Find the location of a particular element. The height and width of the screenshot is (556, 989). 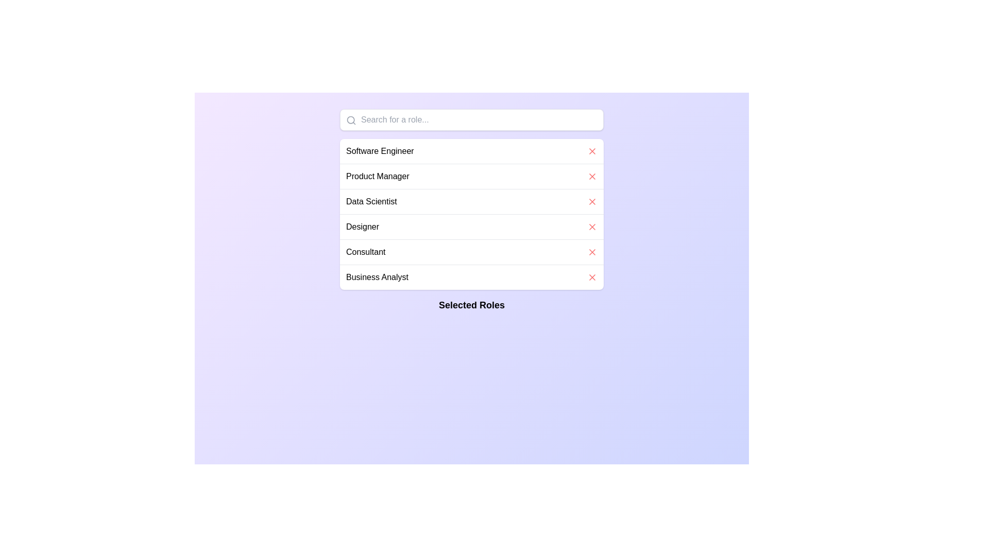

the close or delete button icon located in the fifth entry of the roles list titled 'Consultant' on the right side is located at coordinates (592, 252).